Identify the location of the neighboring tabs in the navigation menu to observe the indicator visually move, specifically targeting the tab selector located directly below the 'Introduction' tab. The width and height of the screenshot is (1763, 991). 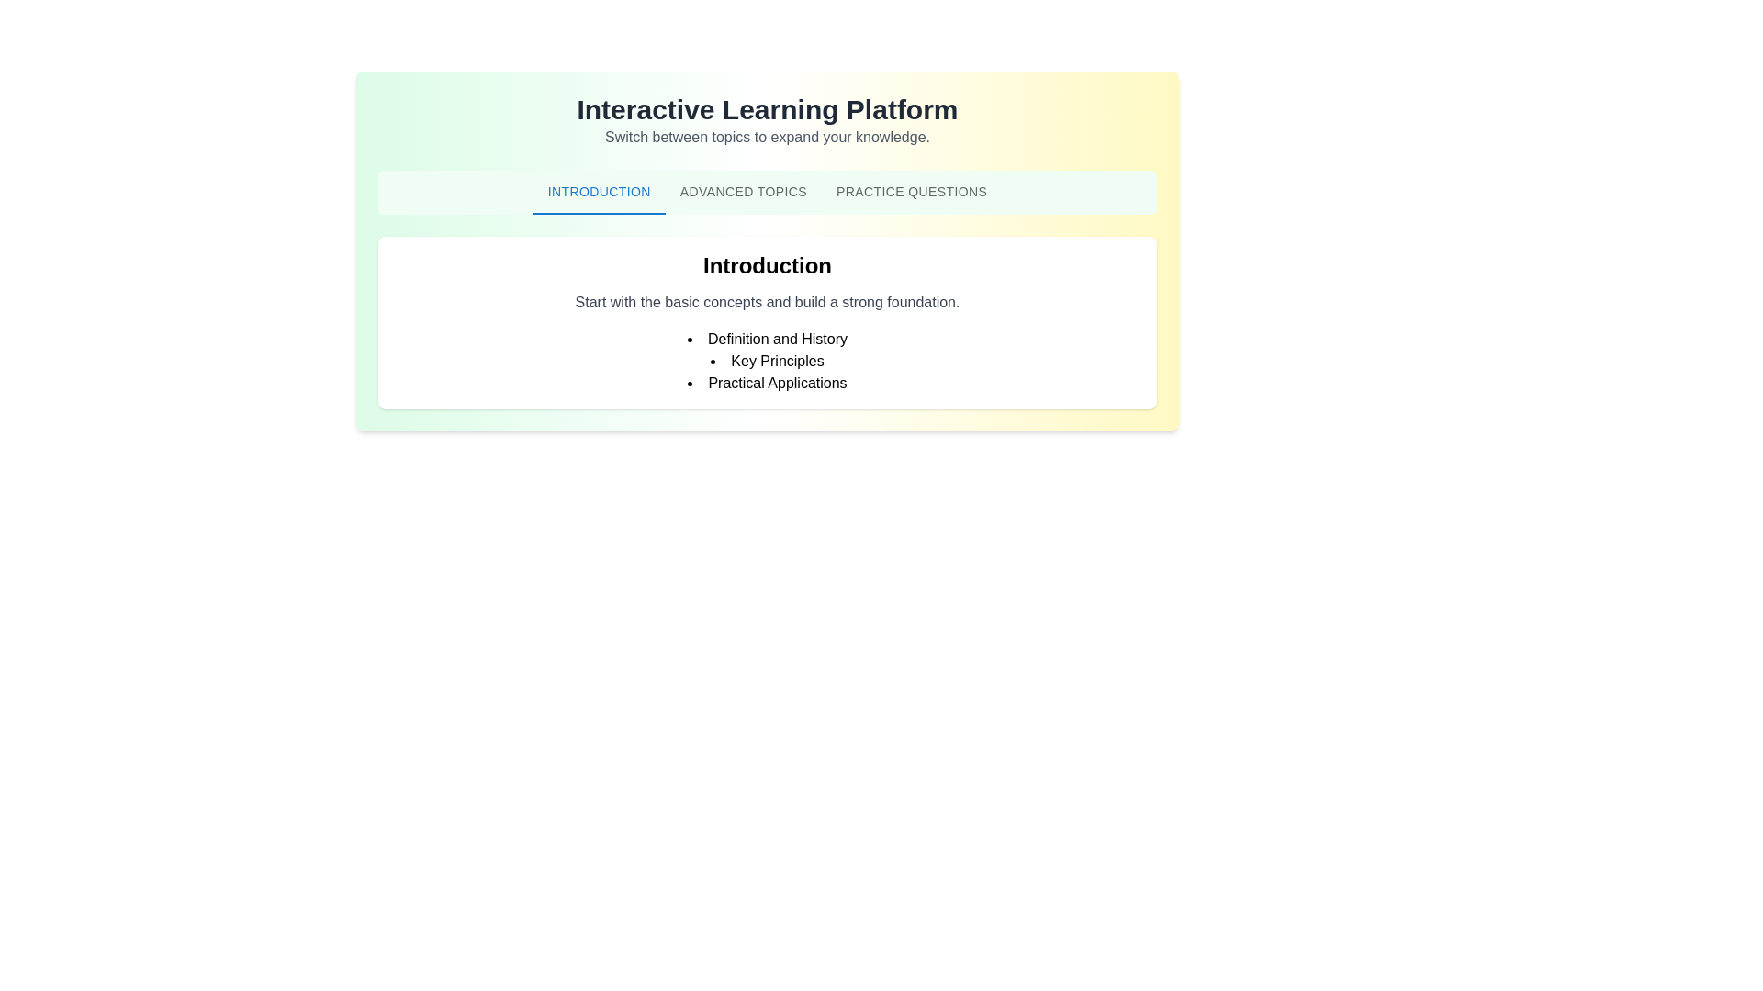
(599, 212).